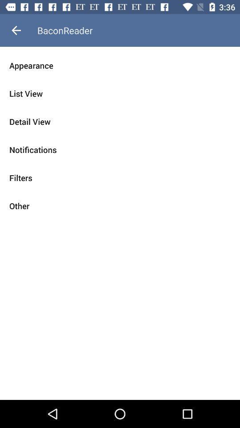 This screenshot has width=240, height=428. What do you see at coordinates (120, 150) in the screenshot?
I see `the icon above the filters item` at bounding box center [120, 150].